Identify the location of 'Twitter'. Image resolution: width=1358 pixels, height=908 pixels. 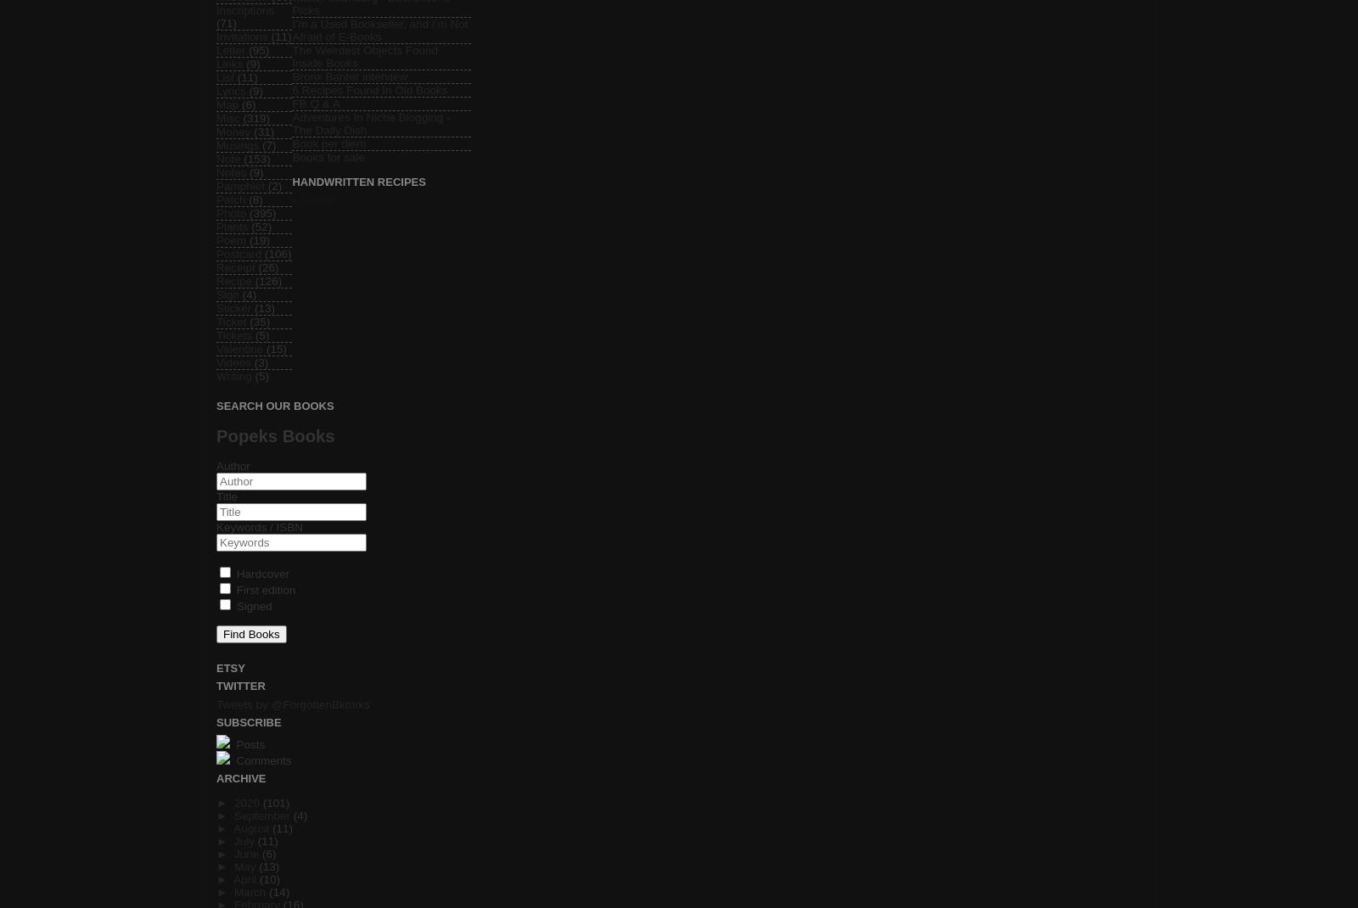
(240, 686).